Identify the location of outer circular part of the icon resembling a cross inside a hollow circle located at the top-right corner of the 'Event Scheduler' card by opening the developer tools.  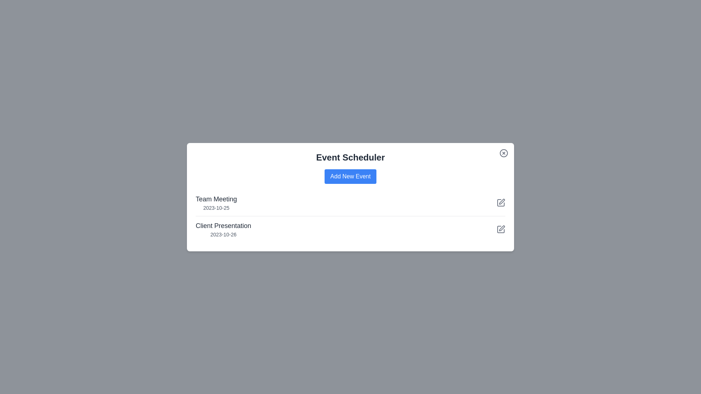
(503, 152).